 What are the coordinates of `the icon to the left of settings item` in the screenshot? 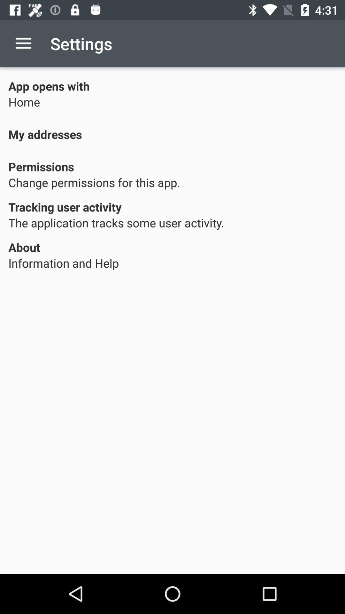 It's located at (23, 43).